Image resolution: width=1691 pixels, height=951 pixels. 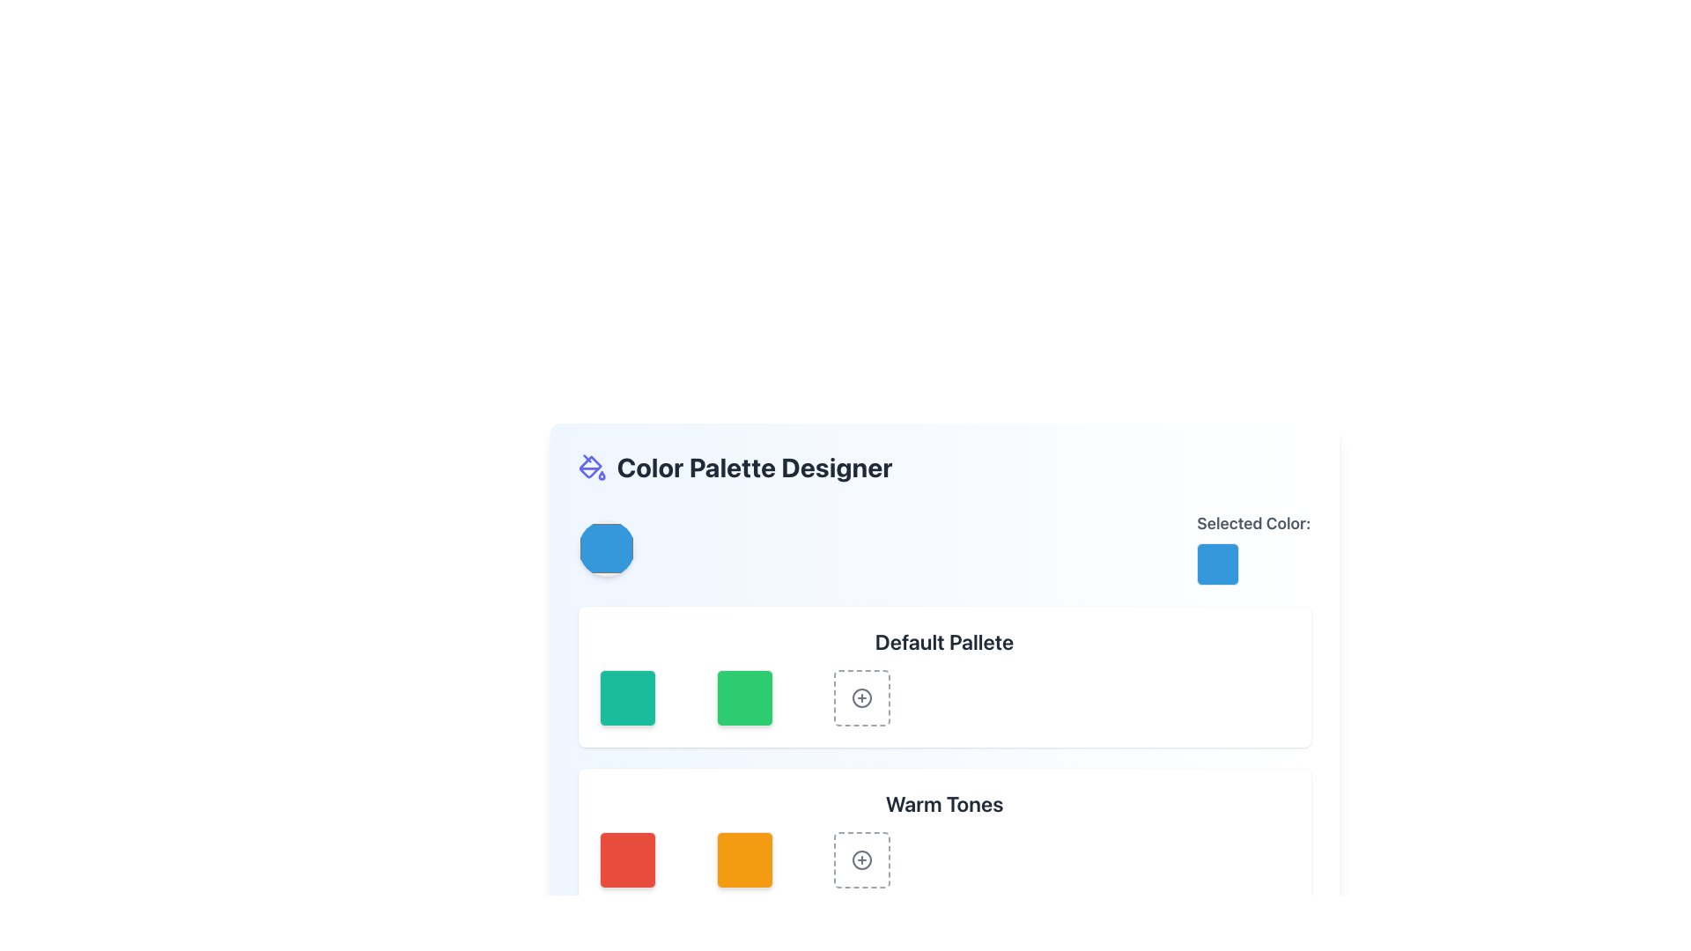 I want to click on the square button with a dashed gray border and a circular plus sign icon, which is the third item in the row under the 'Default Palette' label, so click(x=862, y=697).